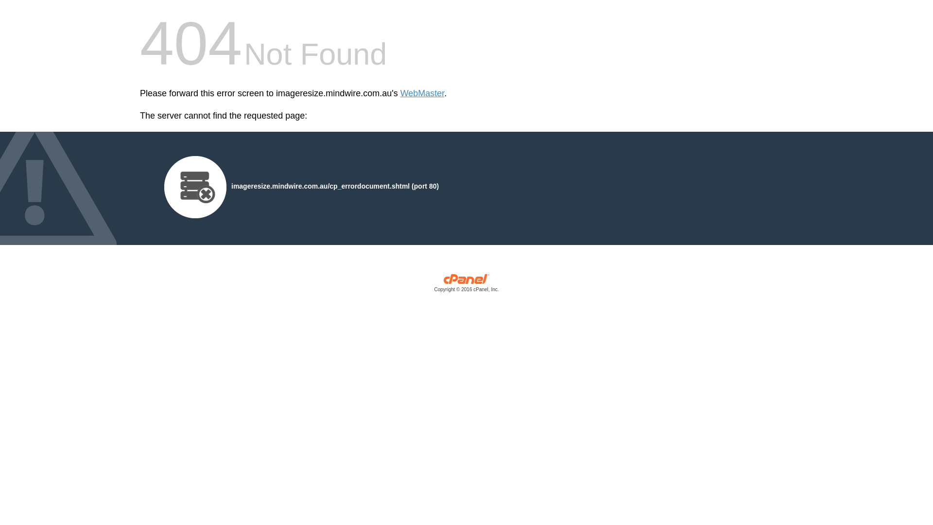  What do you see at coordinates (400, 93) in the screenshot?
I see `'WebMaster'` at bounding box center [400, 93].